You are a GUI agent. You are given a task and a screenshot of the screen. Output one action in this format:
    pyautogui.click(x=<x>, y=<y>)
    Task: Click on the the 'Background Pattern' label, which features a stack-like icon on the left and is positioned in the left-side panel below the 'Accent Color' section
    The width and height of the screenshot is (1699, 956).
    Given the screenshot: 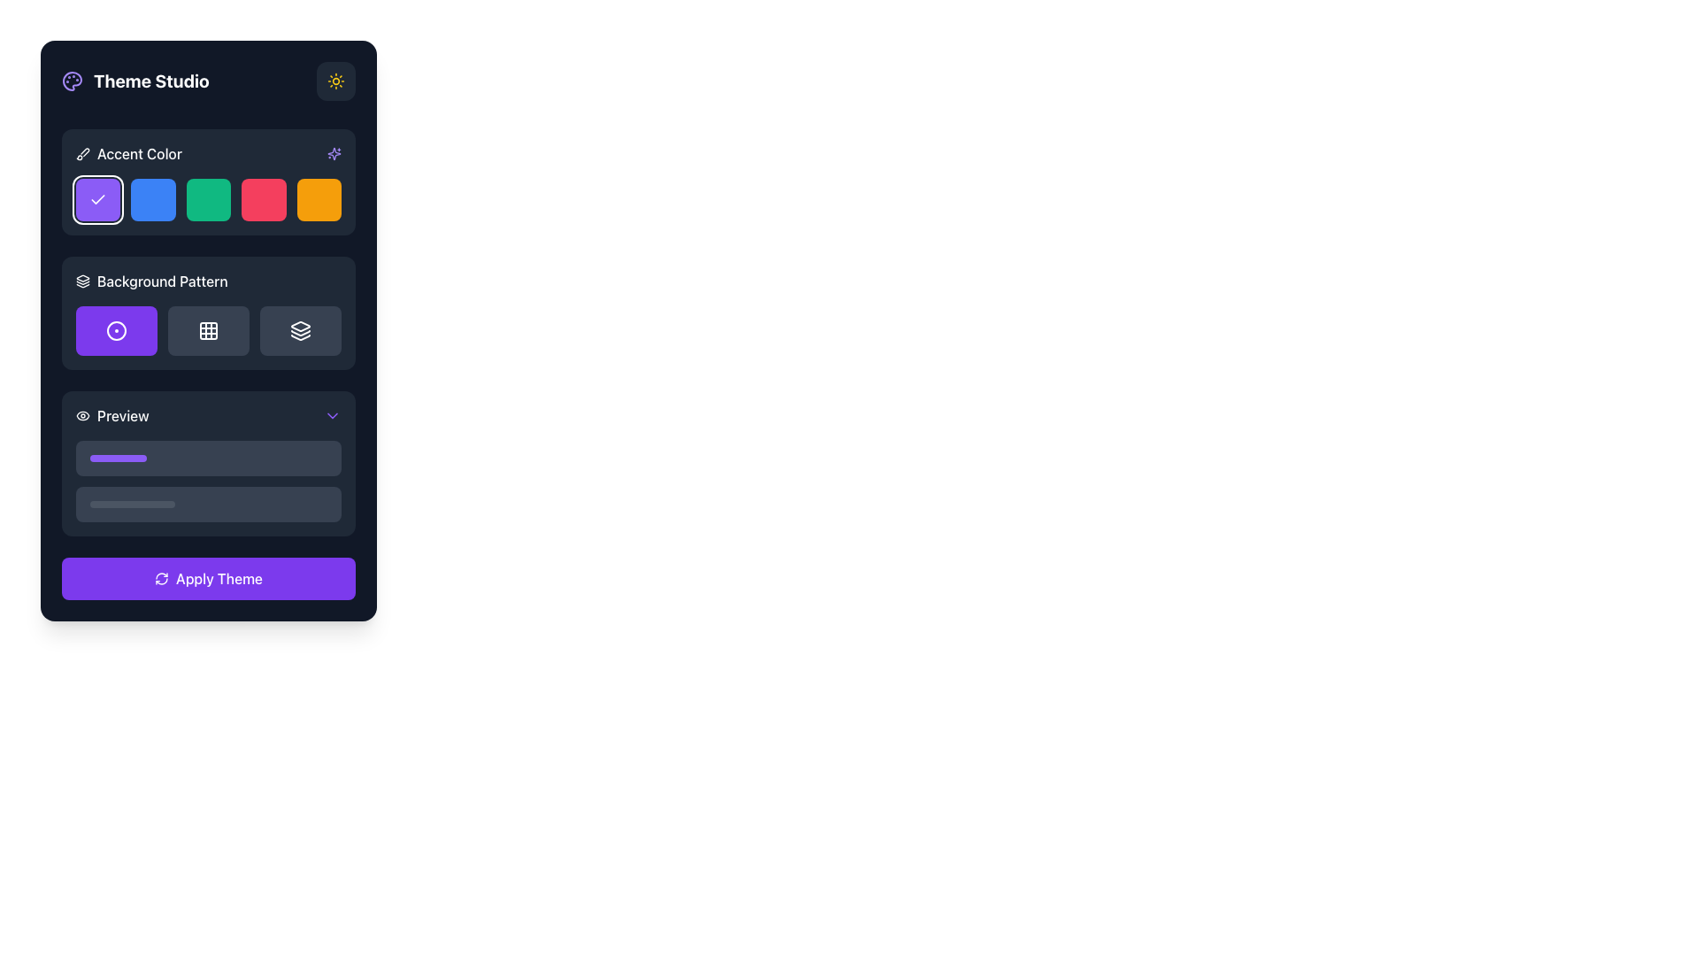 What is the action you would take?
    pyautogui.click(x=151, y=280)
    